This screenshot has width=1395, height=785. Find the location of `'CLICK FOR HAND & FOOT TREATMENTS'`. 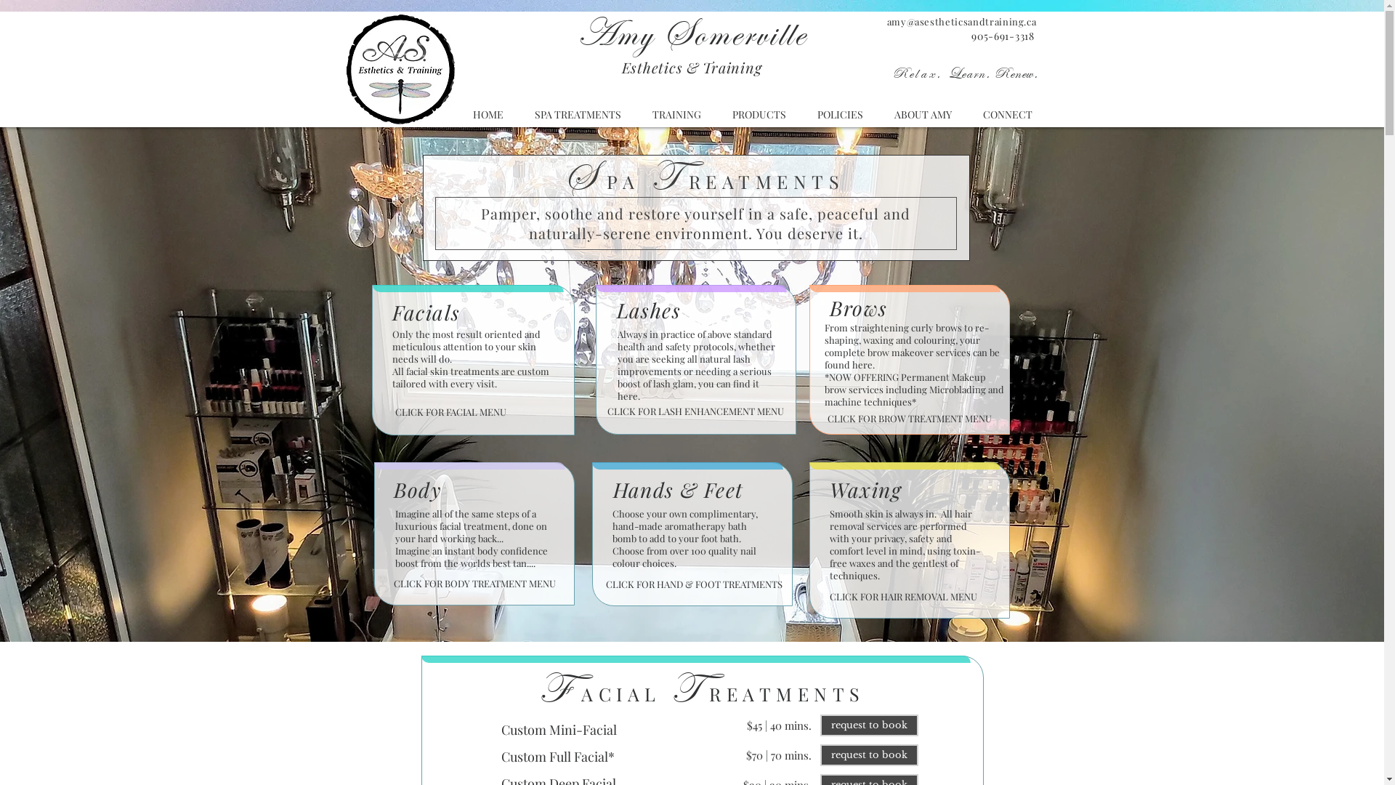

'CLICK FOR HAND & FOOT TREATMENTS' is located at coordinates (693, 584).